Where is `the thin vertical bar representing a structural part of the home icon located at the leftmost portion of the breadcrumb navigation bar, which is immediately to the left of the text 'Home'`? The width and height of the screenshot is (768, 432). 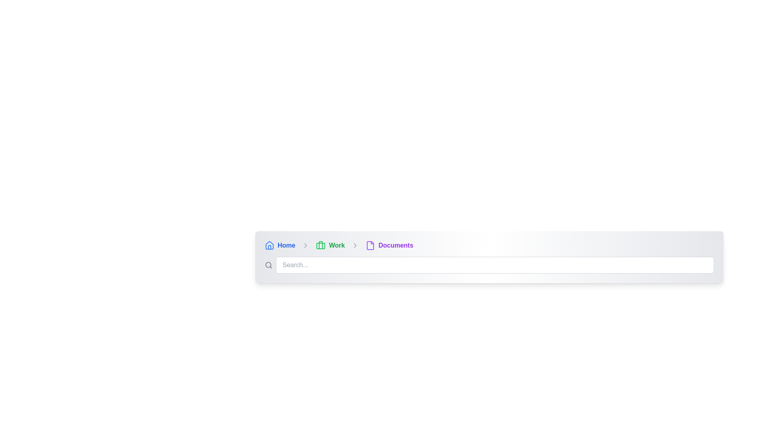 the thin vertical bar representing a structural part of the home icon located at the leftmost portion of the breadcrumb navigation bar, which is immediately to the left of the text 'Home' is located at coordinates (269, 247).